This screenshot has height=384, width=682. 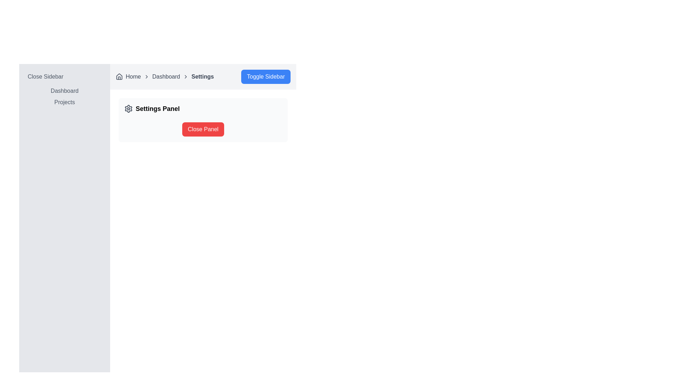 I want to click on the home icon located on the extreme left of the breadcrumb navigation bar, so click(x=119, y=76).